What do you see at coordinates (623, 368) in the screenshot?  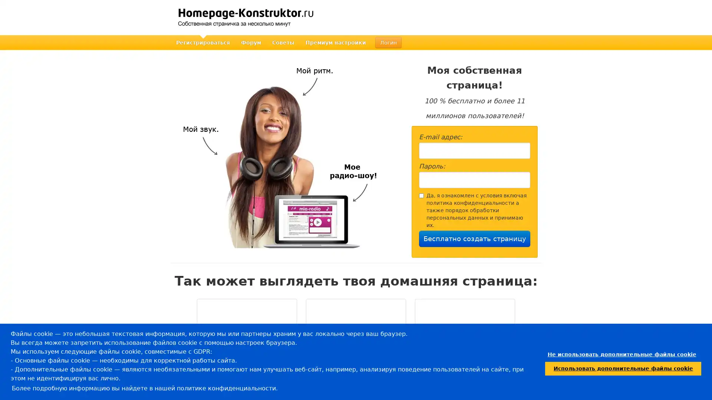 I see `allow cookies` at bounding box center [623, 368].